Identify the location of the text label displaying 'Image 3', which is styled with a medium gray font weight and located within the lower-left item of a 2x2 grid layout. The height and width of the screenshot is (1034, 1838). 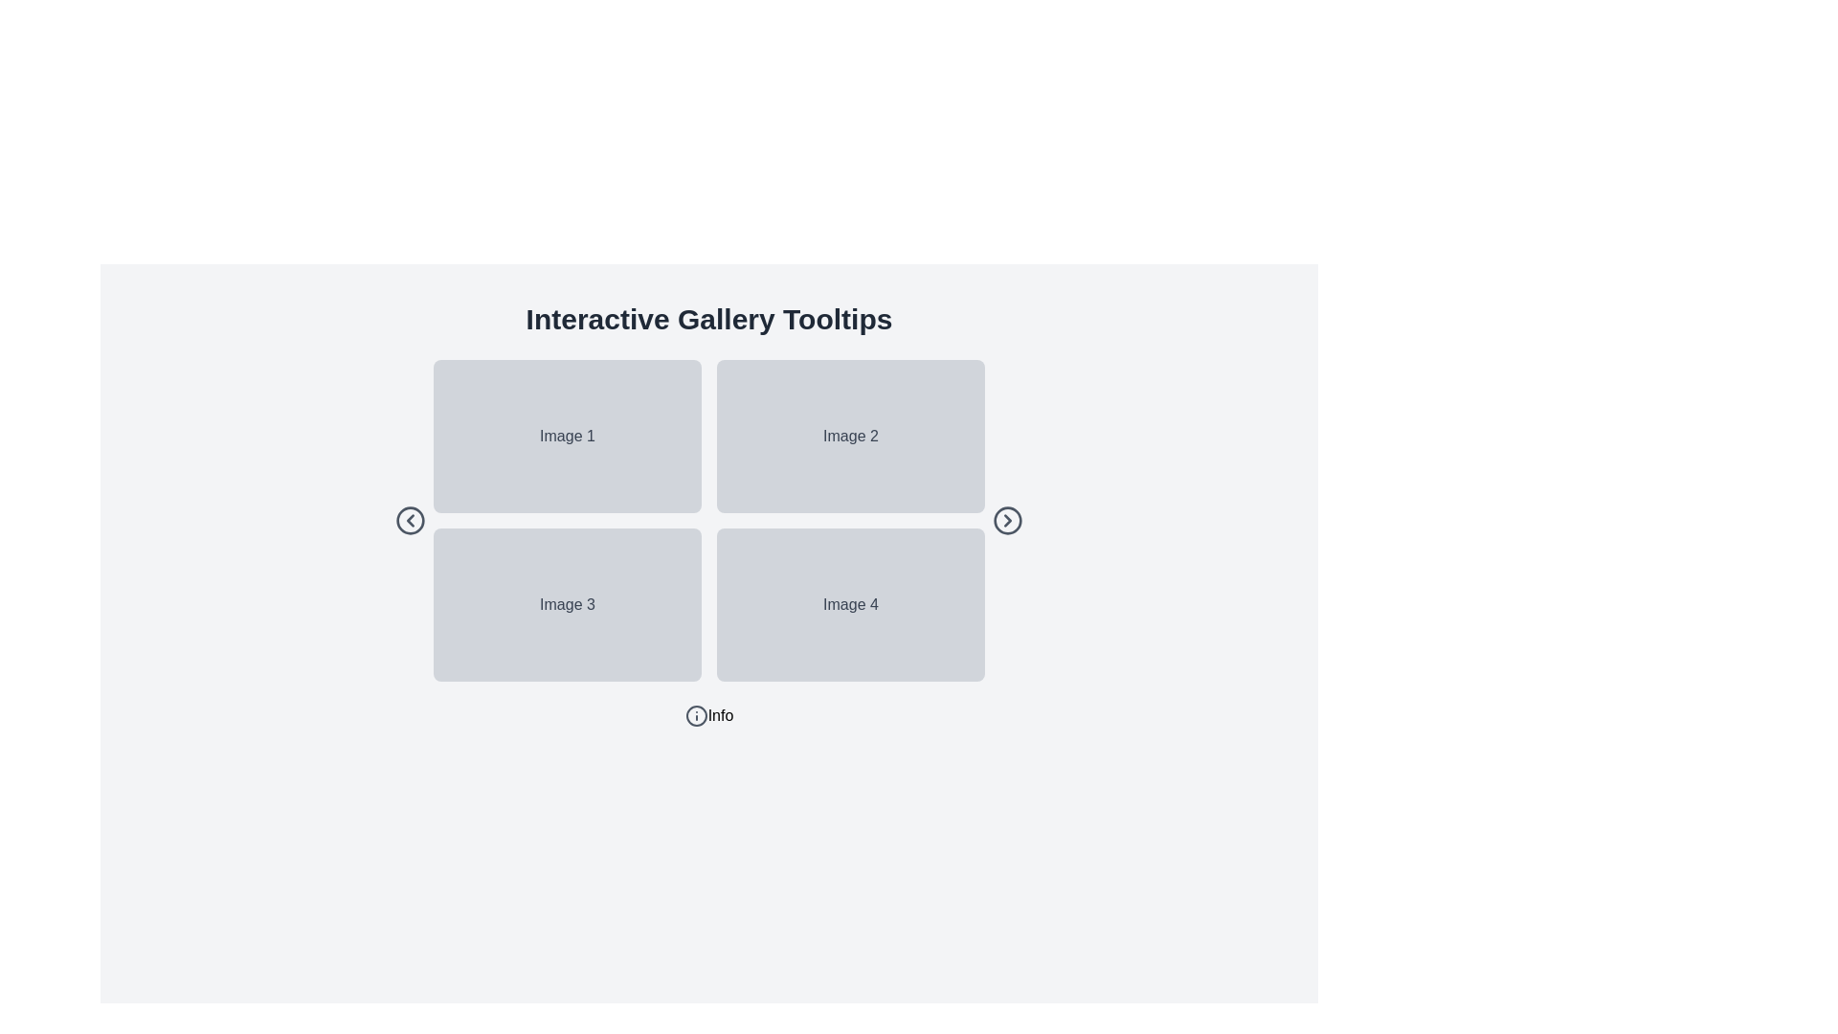
(566, 605).